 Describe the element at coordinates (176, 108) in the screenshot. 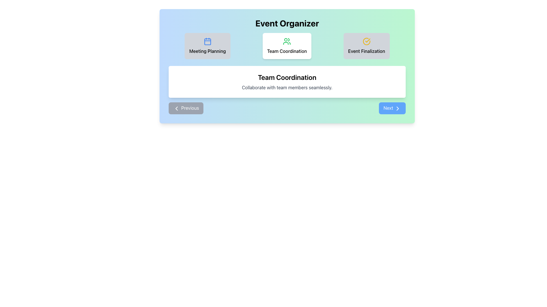

I see `the left-facing arrow icon that is part of the 'Previous' button located at the bottom left of the interface` at that location.